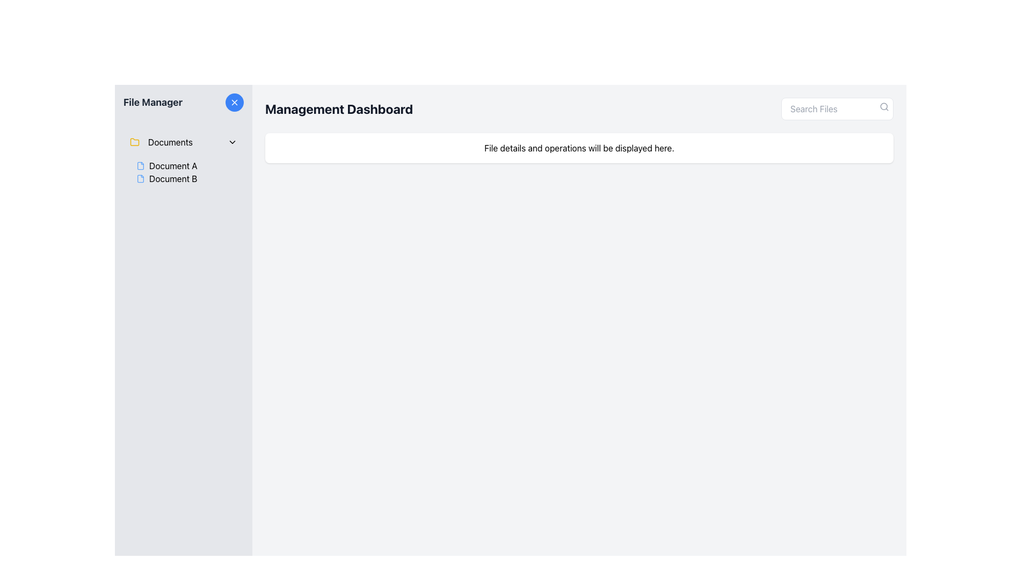 The height and width of the screenshot is (580, 1031). I want to click on the small white 'X' icon located in the circular blue button at the top of the left sidebar, above the 'Documents' section in the 'File Manager' panel to invoke its function, so click(234, 103).